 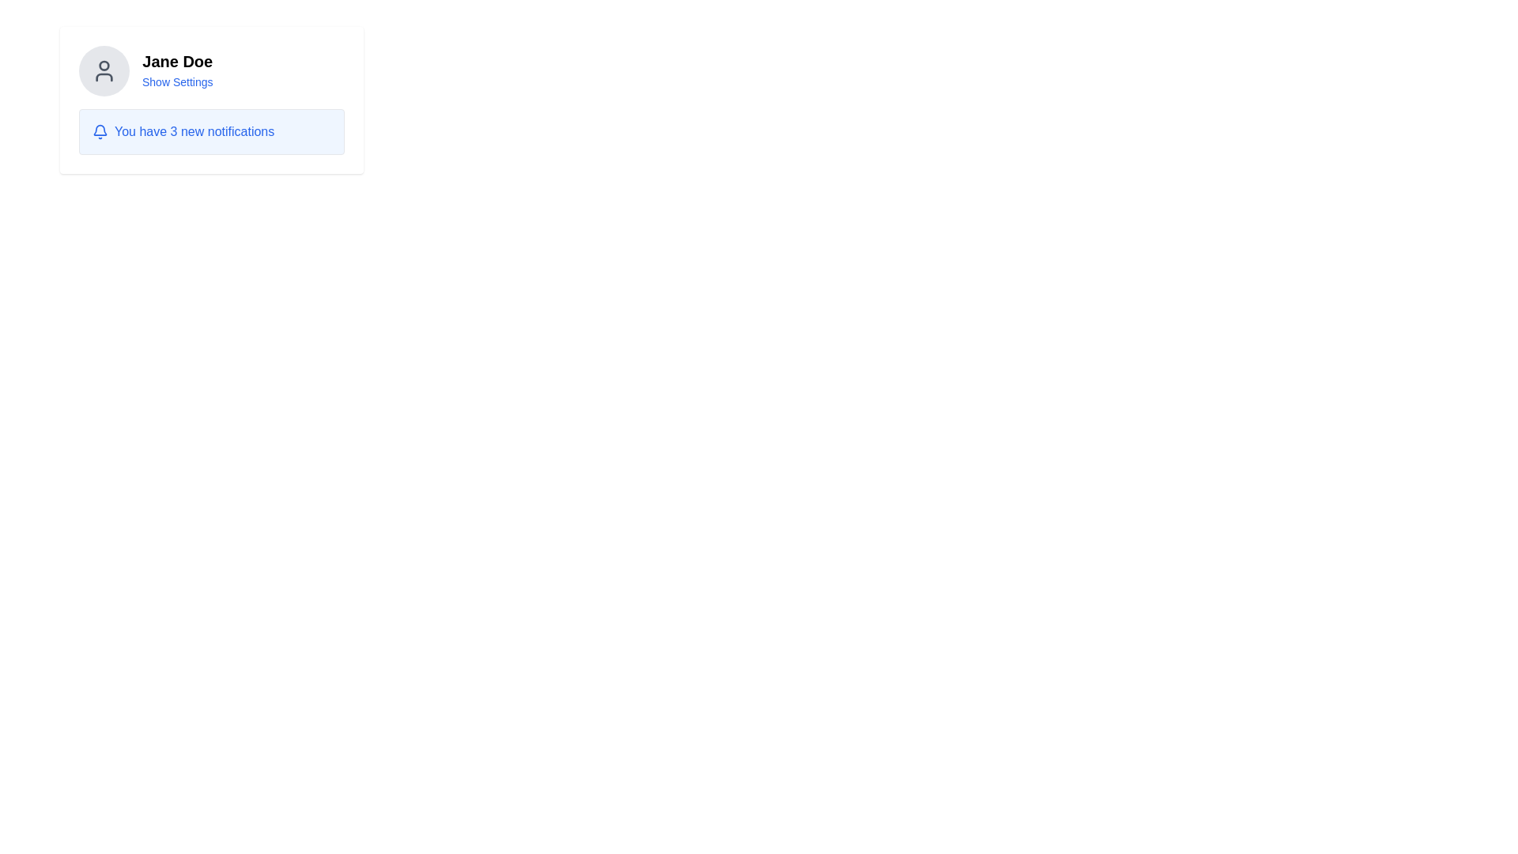 What do you see at coordinates (211, 70) in the screenshot?
I see `the Profile section at the top of the boxed card layout` at bounding box center [211, 70].